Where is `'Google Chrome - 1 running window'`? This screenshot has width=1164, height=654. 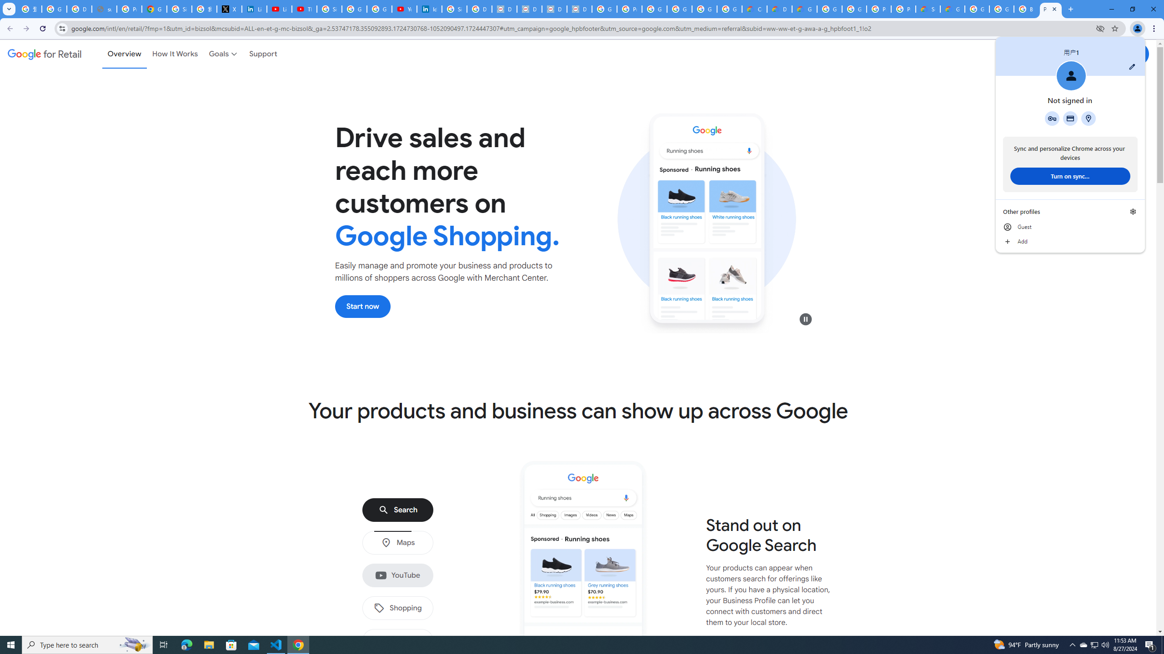 'Google Chrome - 1 running window' is located at coordinates (298, 644).